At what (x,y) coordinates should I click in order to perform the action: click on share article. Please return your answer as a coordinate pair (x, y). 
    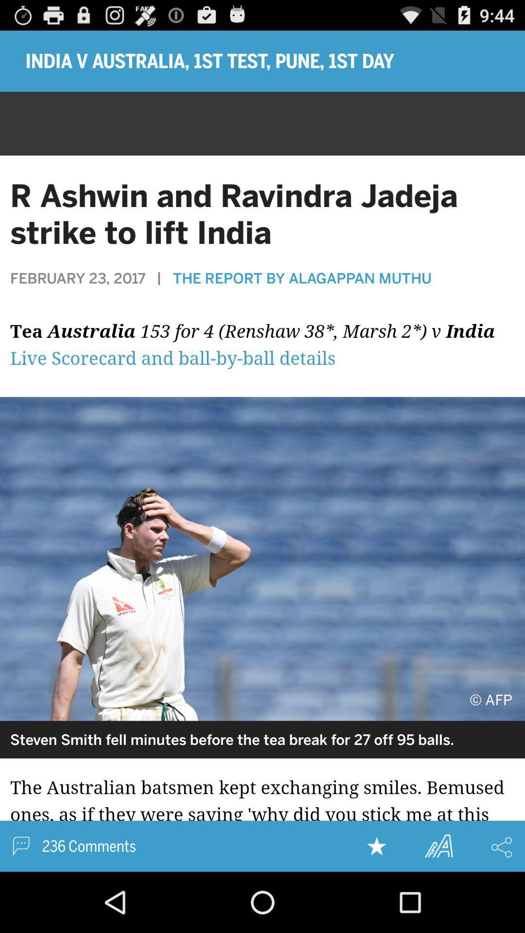
    Looking at the image, I should click on (502, 847).